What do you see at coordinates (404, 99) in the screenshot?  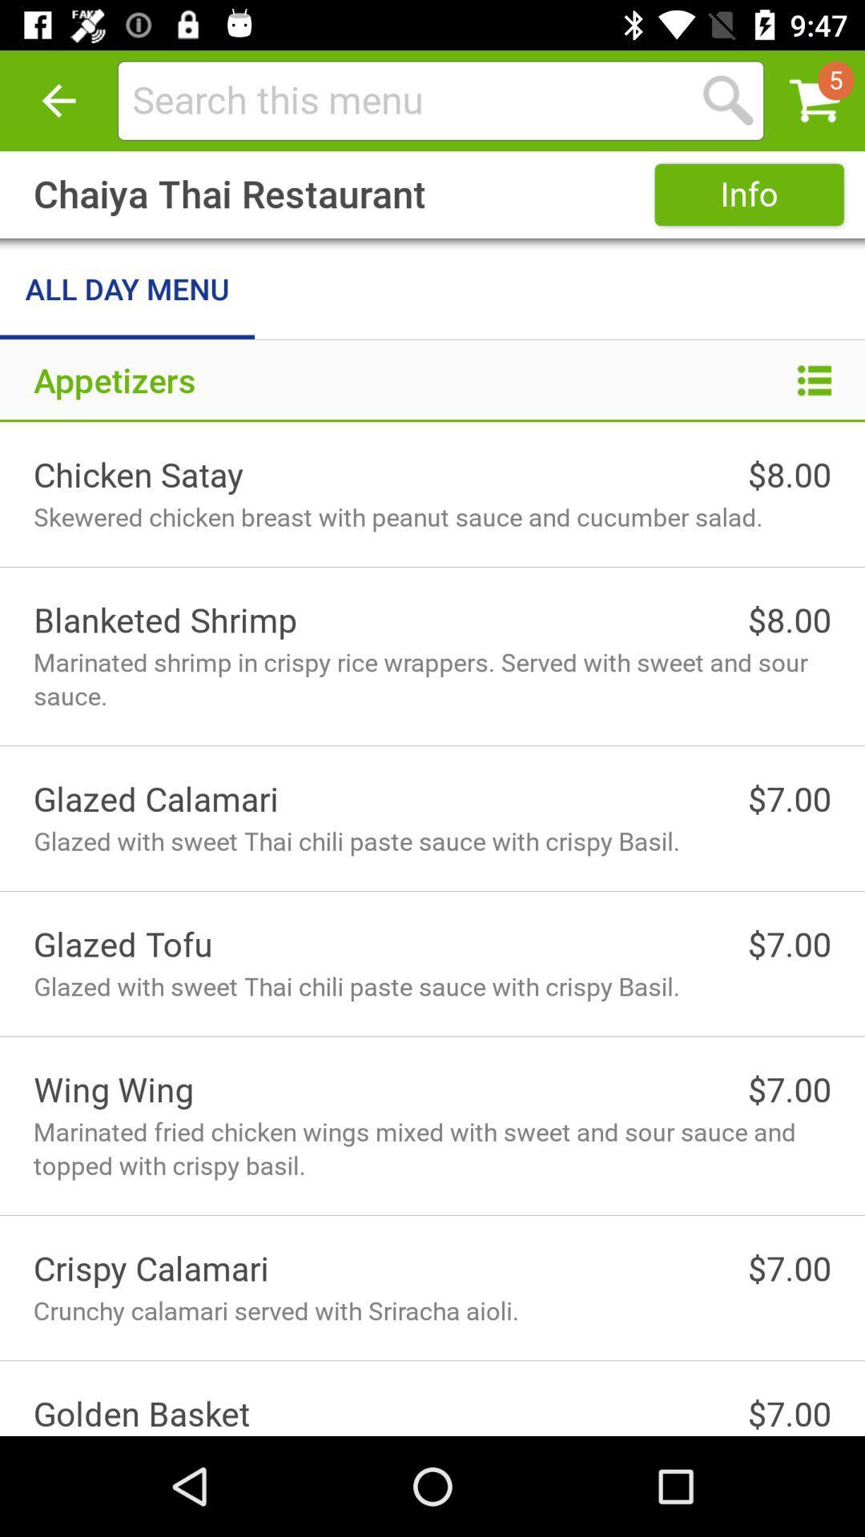 I see `the item above info` at bounding box center [404, 99].